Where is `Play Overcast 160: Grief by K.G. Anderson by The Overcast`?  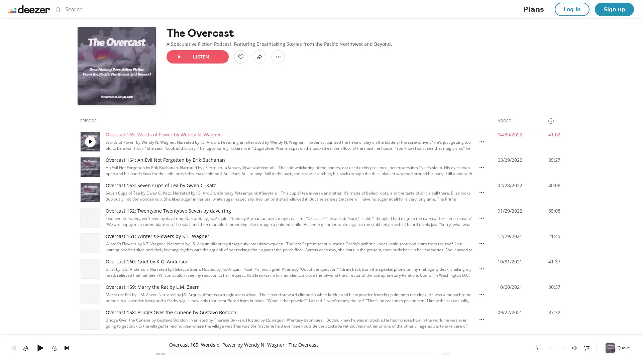 Play Overcast 160: Grief by K.G. Anderson by The Overcast is located at coordinates (90, 268).